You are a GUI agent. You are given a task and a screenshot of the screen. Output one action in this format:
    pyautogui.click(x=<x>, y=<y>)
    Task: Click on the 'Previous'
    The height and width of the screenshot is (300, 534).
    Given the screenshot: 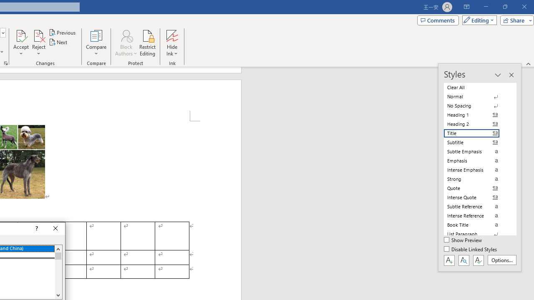 What is the action you would take?
    pyautogui.click(x=63, y=32)
    